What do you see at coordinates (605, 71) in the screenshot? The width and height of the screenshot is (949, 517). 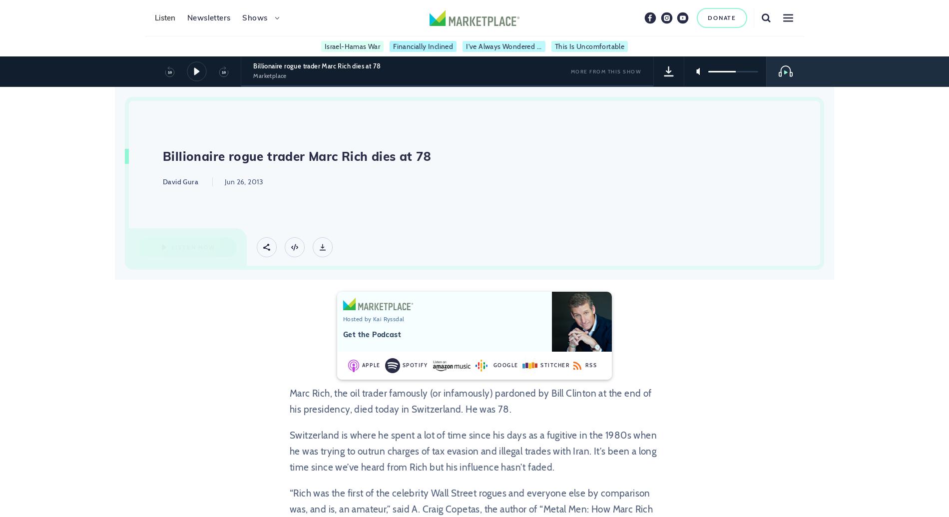 I see `'More From This Show'` at bounding box center [605, 71].